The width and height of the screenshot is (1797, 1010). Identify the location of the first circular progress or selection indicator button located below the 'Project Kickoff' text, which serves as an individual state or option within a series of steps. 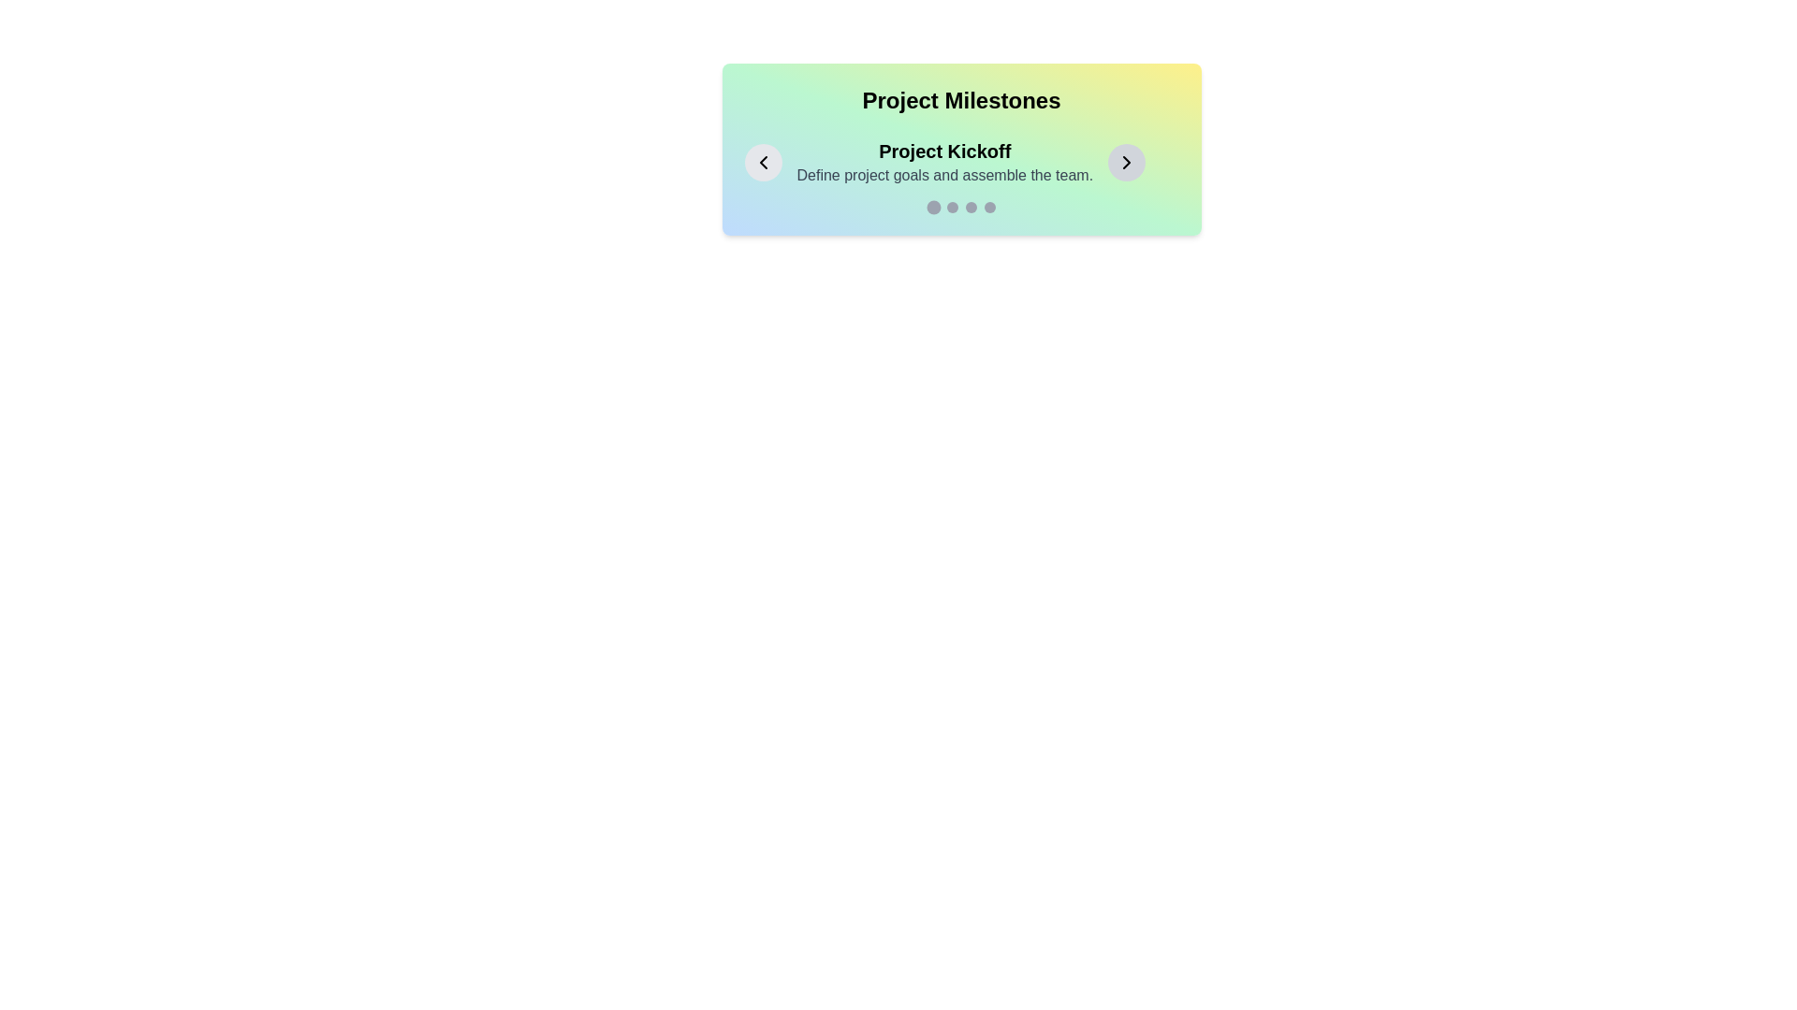
(933, 208).